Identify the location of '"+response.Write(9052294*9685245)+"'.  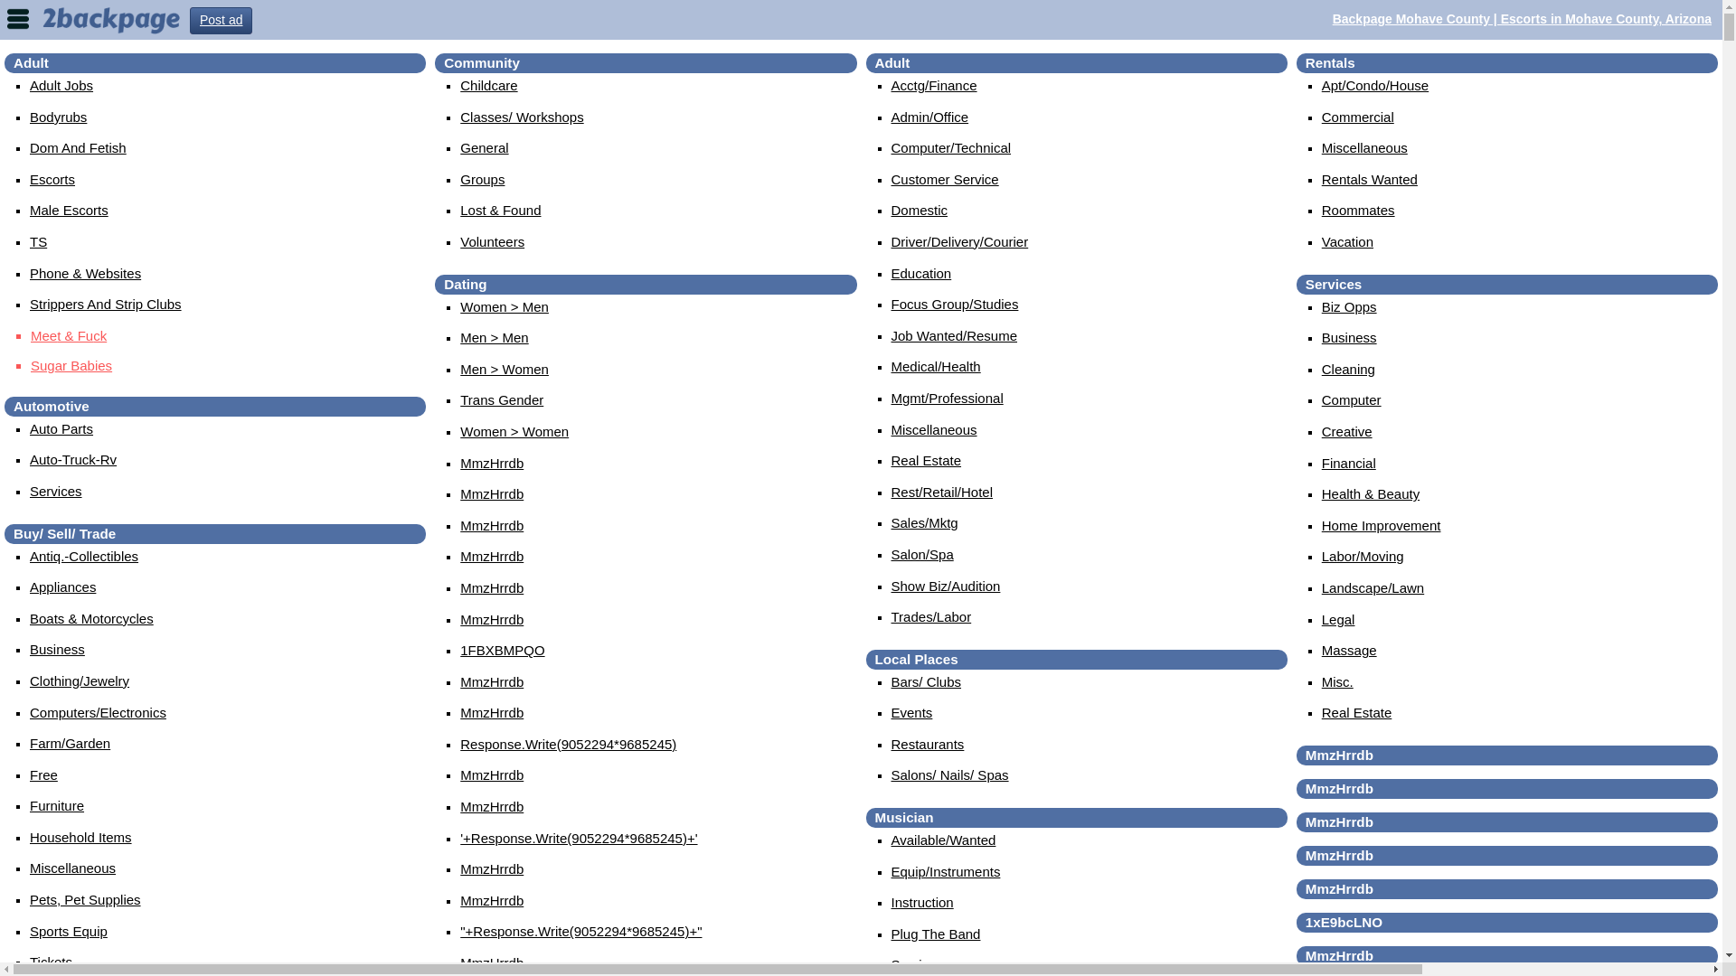
(580, 931).